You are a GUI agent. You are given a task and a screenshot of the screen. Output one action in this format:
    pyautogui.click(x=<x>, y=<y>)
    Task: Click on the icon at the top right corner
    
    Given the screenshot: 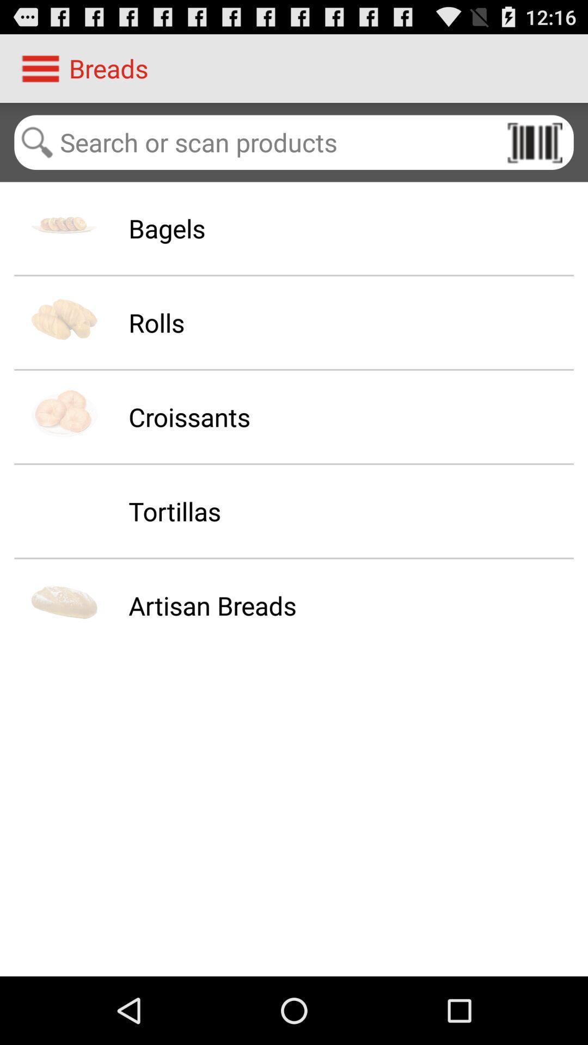 What is the action you would take?
    pyautogui.click(x=534, y=142)
    